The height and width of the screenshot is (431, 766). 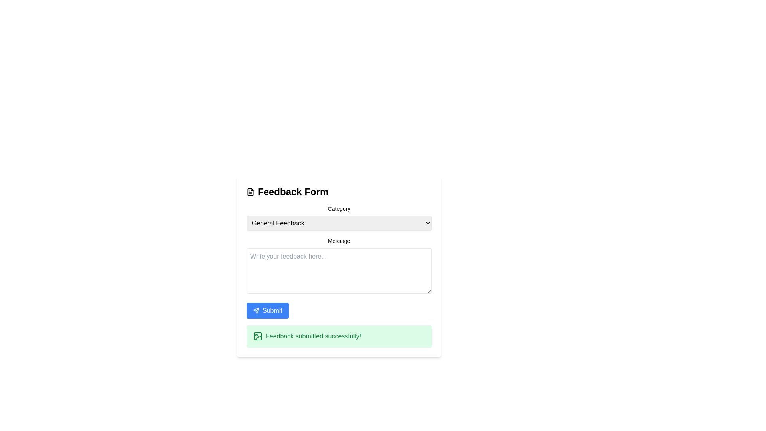 What do you see at coordinates (339, 223) in the screenshot?
I see `the 'General Feedback' dropdown menu` at bounding box center [339, 223].